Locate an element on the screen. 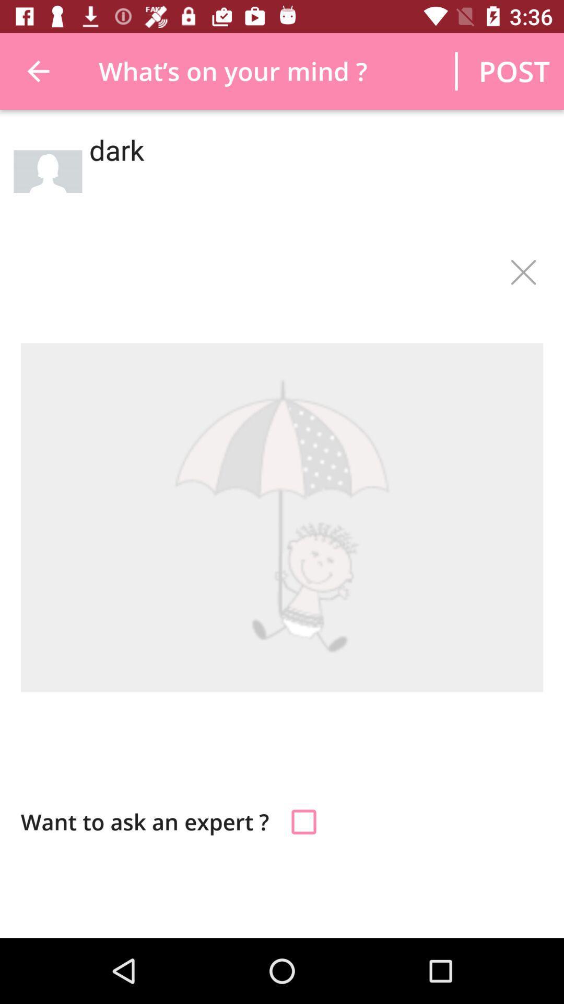 The width and height of the screenshot is (564, 1004). the icon to the right of the want to ask item is located at coordinates (304, 821).